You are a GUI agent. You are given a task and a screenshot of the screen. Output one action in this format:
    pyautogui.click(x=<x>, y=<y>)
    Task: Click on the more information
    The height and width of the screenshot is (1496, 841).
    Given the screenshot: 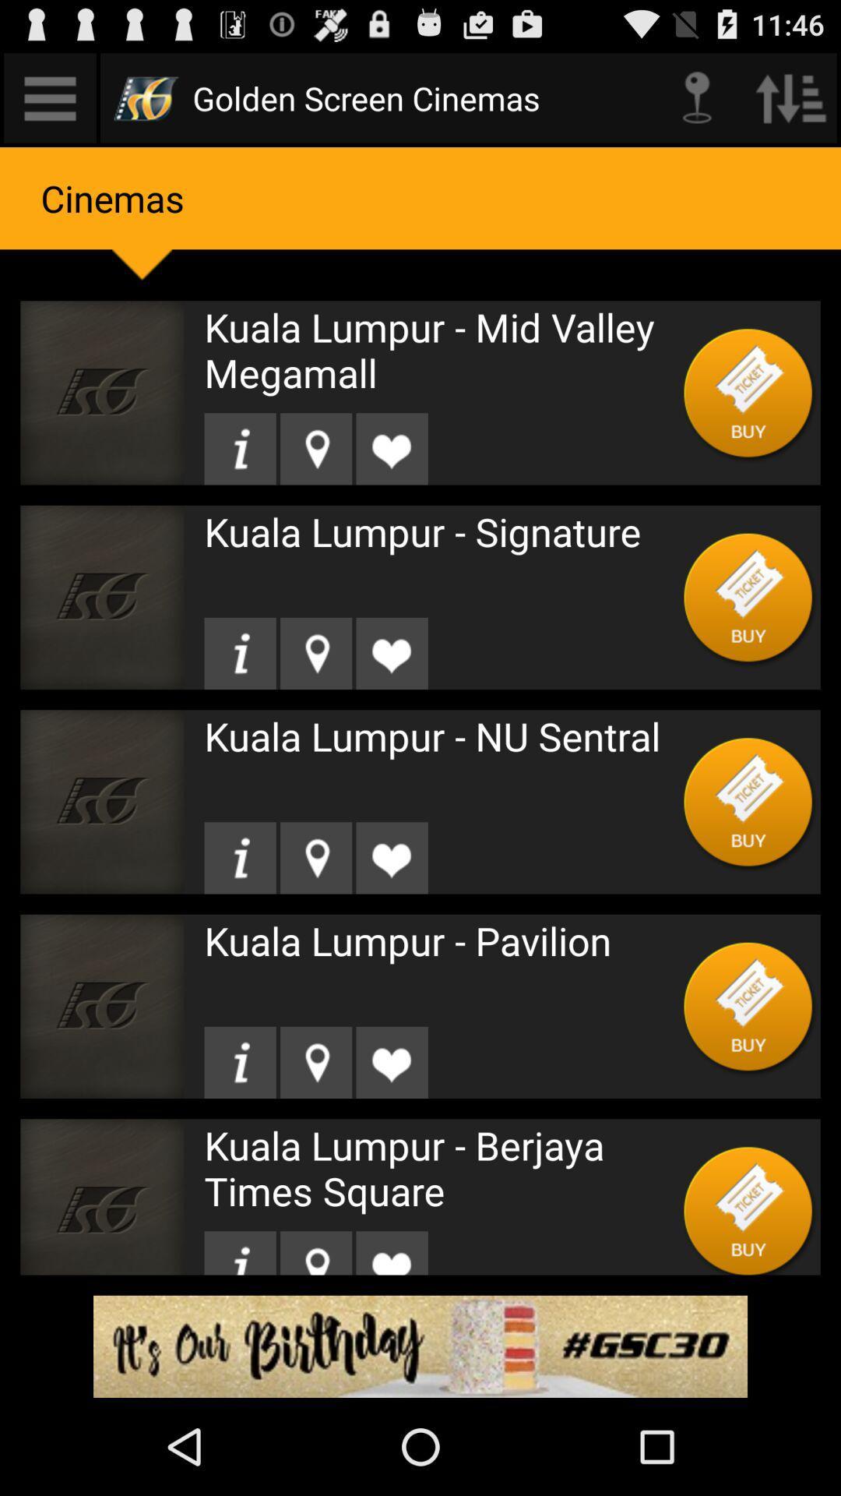 What is the action you would take?
    pyautogui.click(x=240, y=857)
    